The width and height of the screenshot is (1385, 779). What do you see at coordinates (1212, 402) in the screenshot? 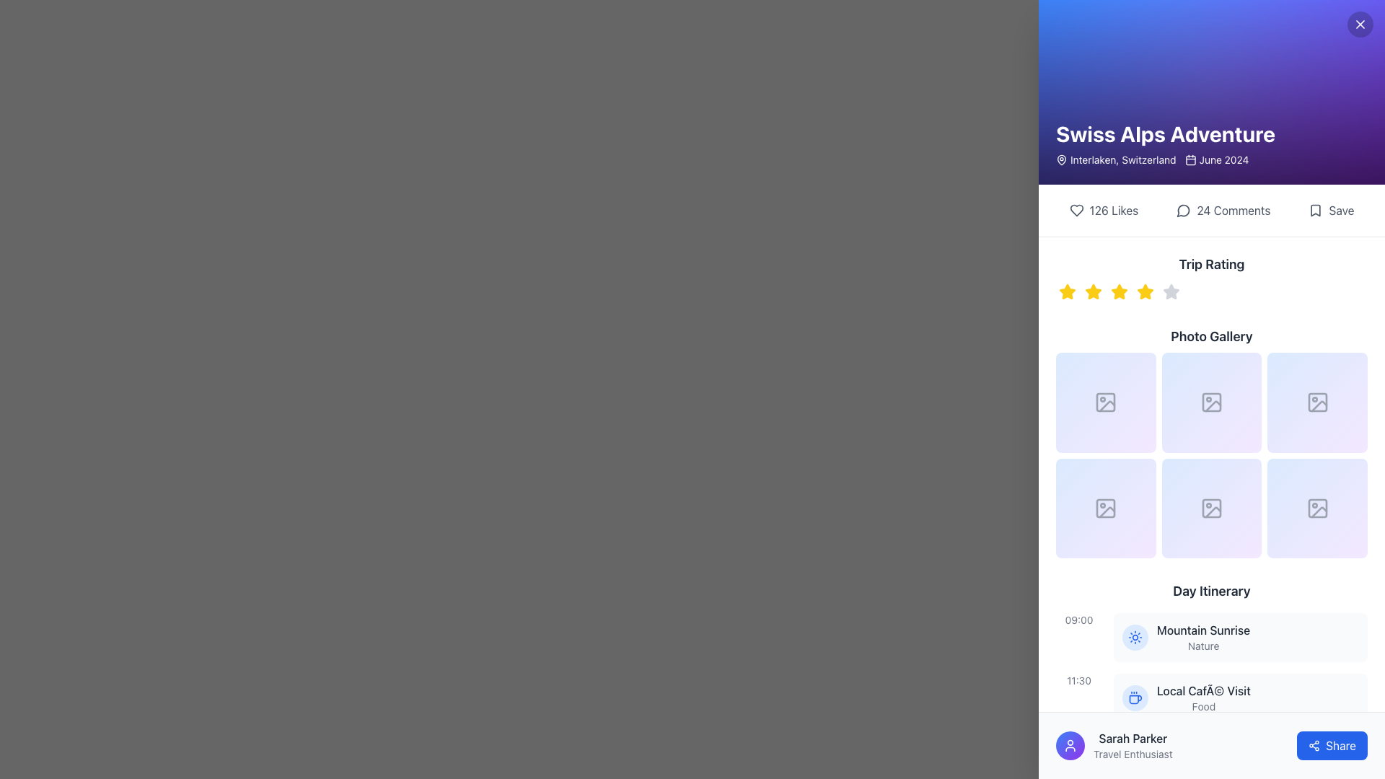
I see `the Icon placeholder in the second row and third column of the 2x3 grid in the 'Photo Gallery' section, which serves as a thumbnail slot for displaying images` at bounding box center [1212, 402].